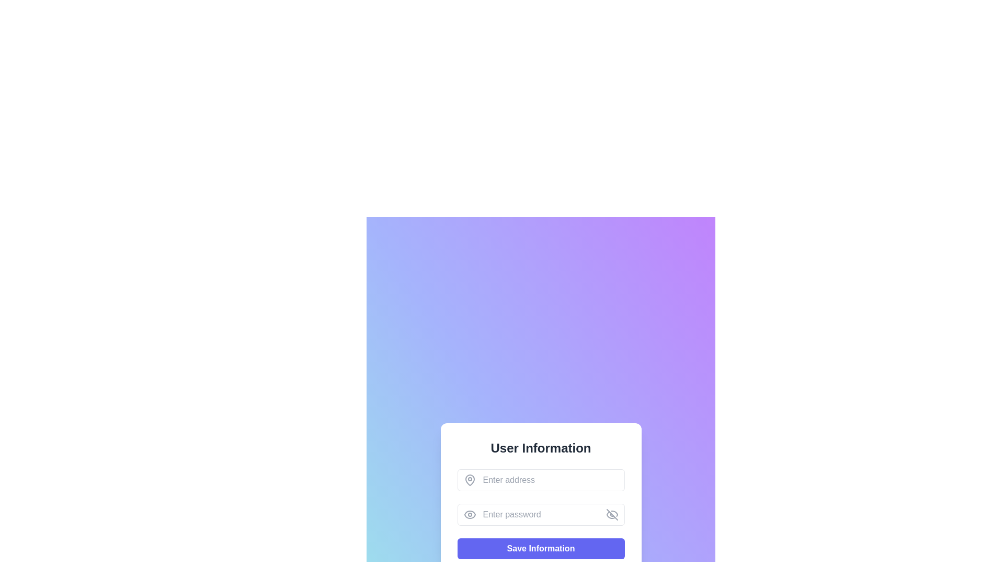  Describe the element at coordinates (612, 514) in the screenshot. I see `the password visibility toggle icon located to the right of the password input field to trigger the tooltip display` at that location.